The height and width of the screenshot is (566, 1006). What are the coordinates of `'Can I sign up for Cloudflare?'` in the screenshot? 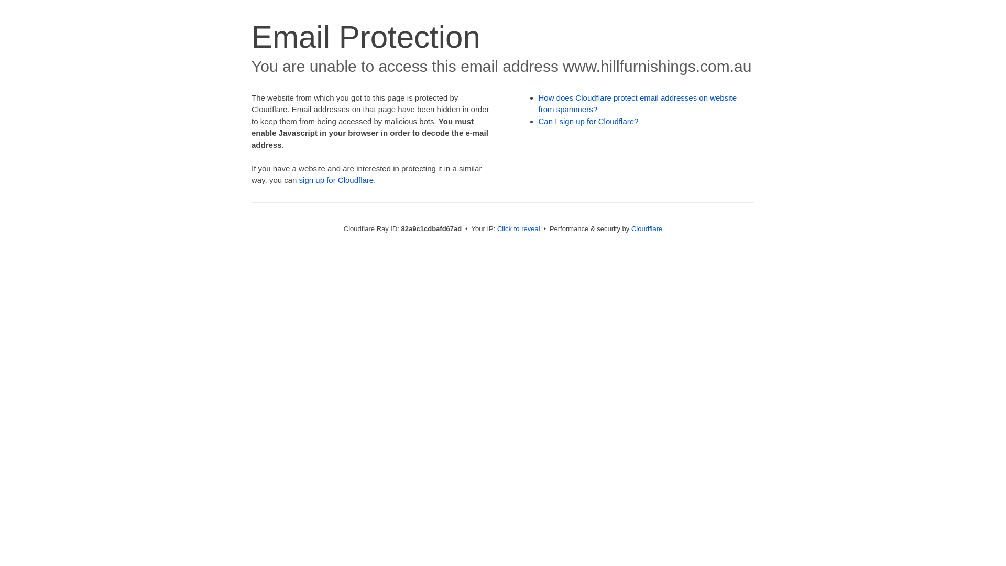 It's located at (588, 121).